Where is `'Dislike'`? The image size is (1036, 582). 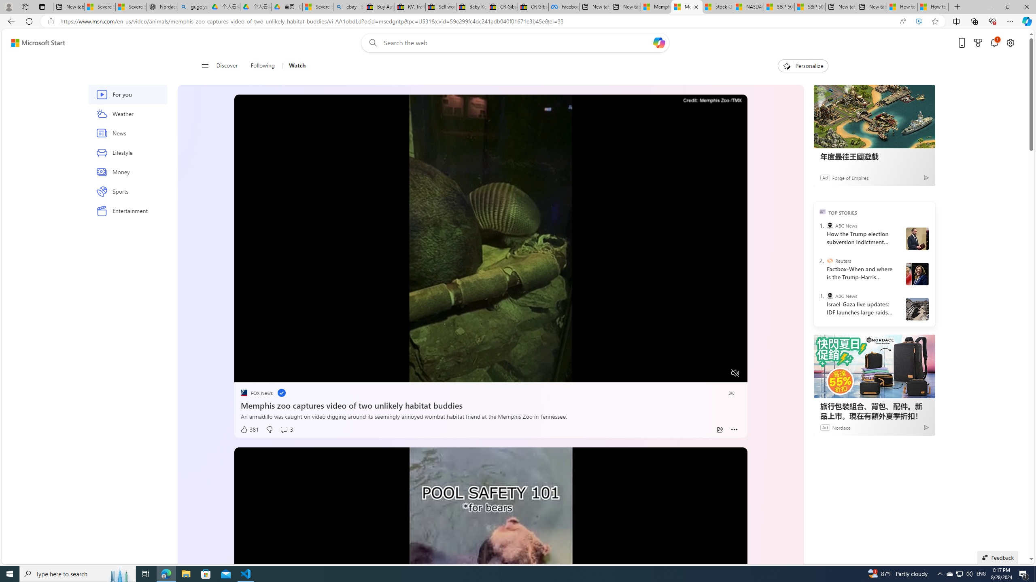
'Dislike' is located at coordinates (269, 429).